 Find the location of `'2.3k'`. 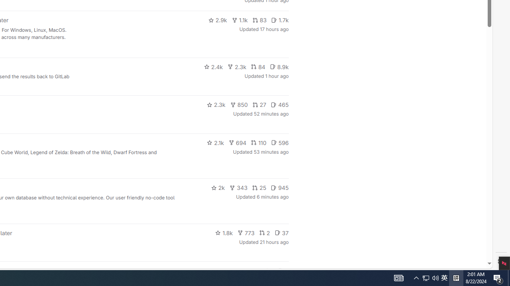

'2.3k' is located at coordinates (216, 104).